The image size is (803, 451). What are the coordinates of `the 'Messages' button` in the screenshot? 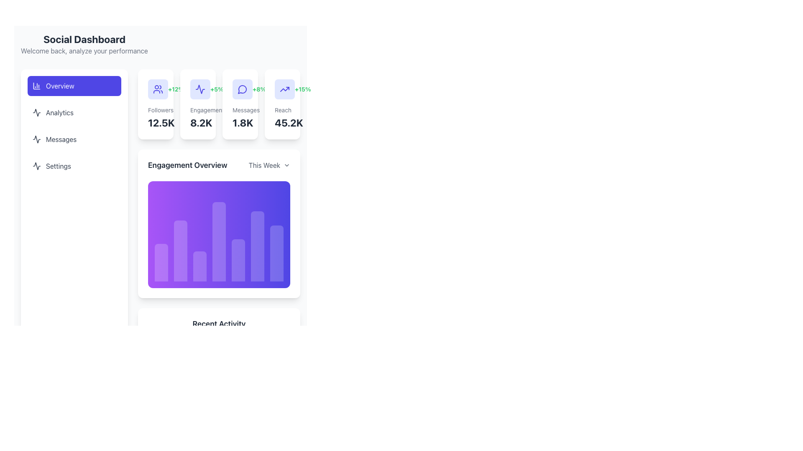 It's located at (74, 139).